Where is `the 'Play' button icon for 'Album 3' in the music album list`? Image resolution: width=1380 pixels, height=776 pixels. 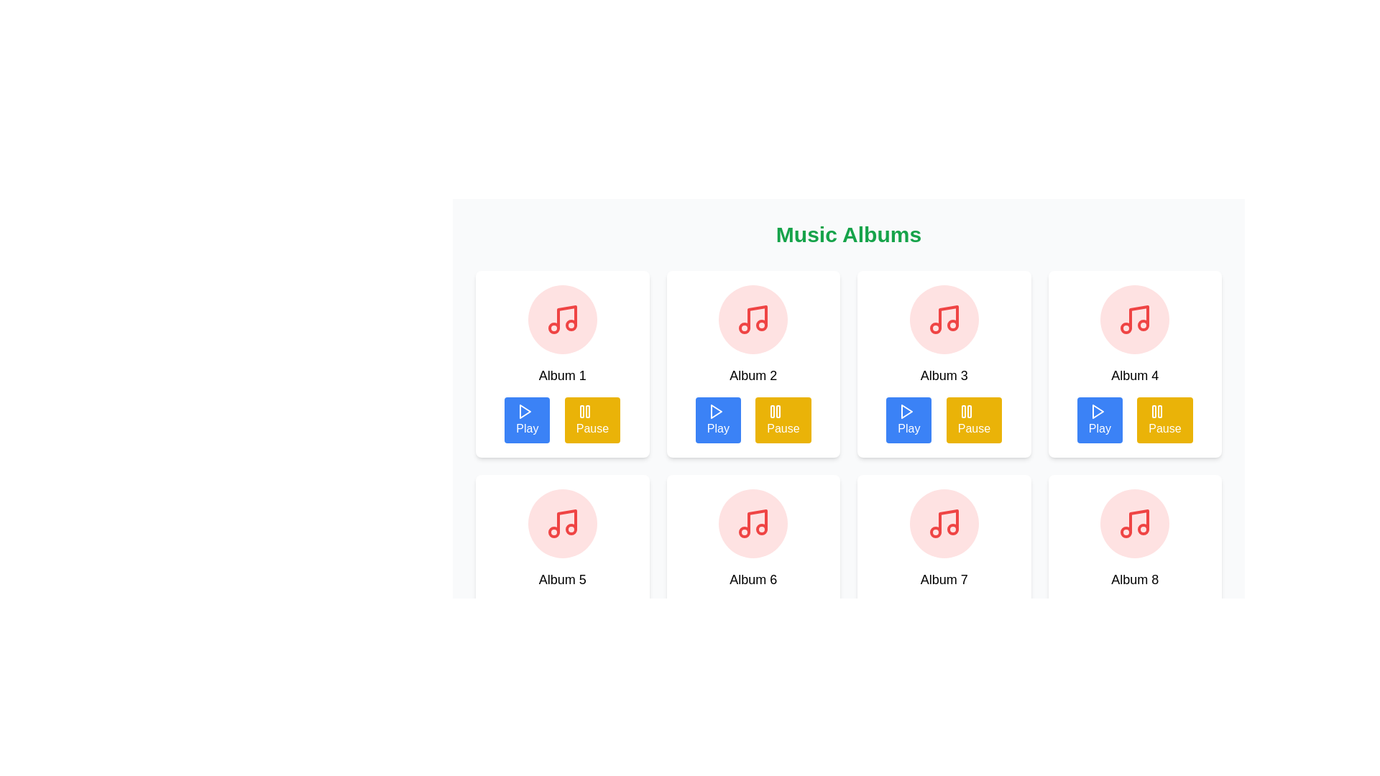 the 'Play' button icon for 'Album 3' in the music album list is located at coordinates (906, 412).